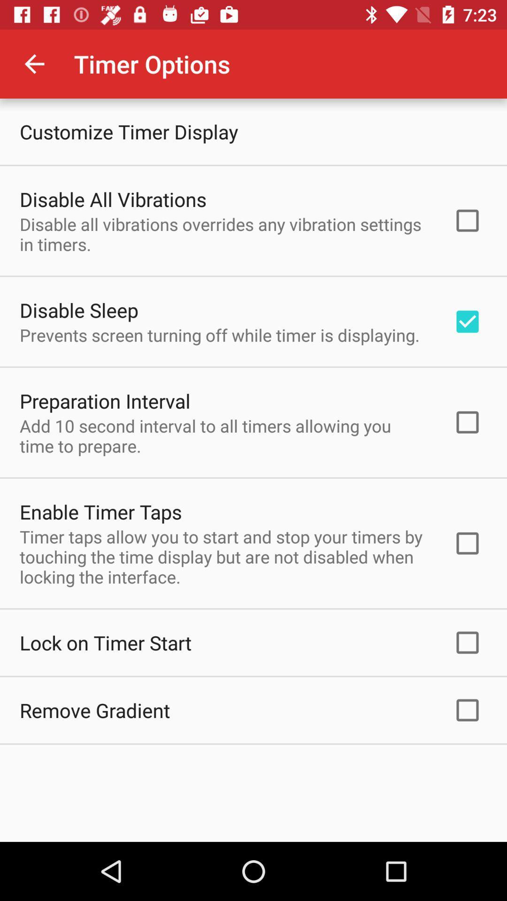 The height and width of the screenshot is (901, 507). Describe the element at coordinates (467, 543) in the screenshot. I see `the box at enable timer taps line` at that location.